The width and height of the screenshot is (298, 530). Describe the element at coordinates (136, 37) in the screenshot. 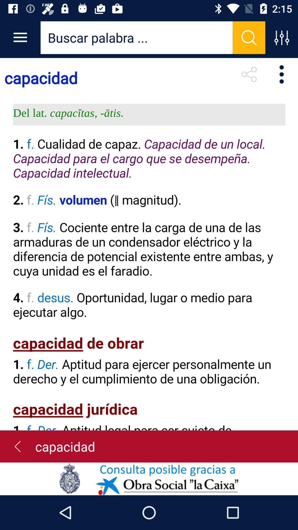

I see `search` at that location.